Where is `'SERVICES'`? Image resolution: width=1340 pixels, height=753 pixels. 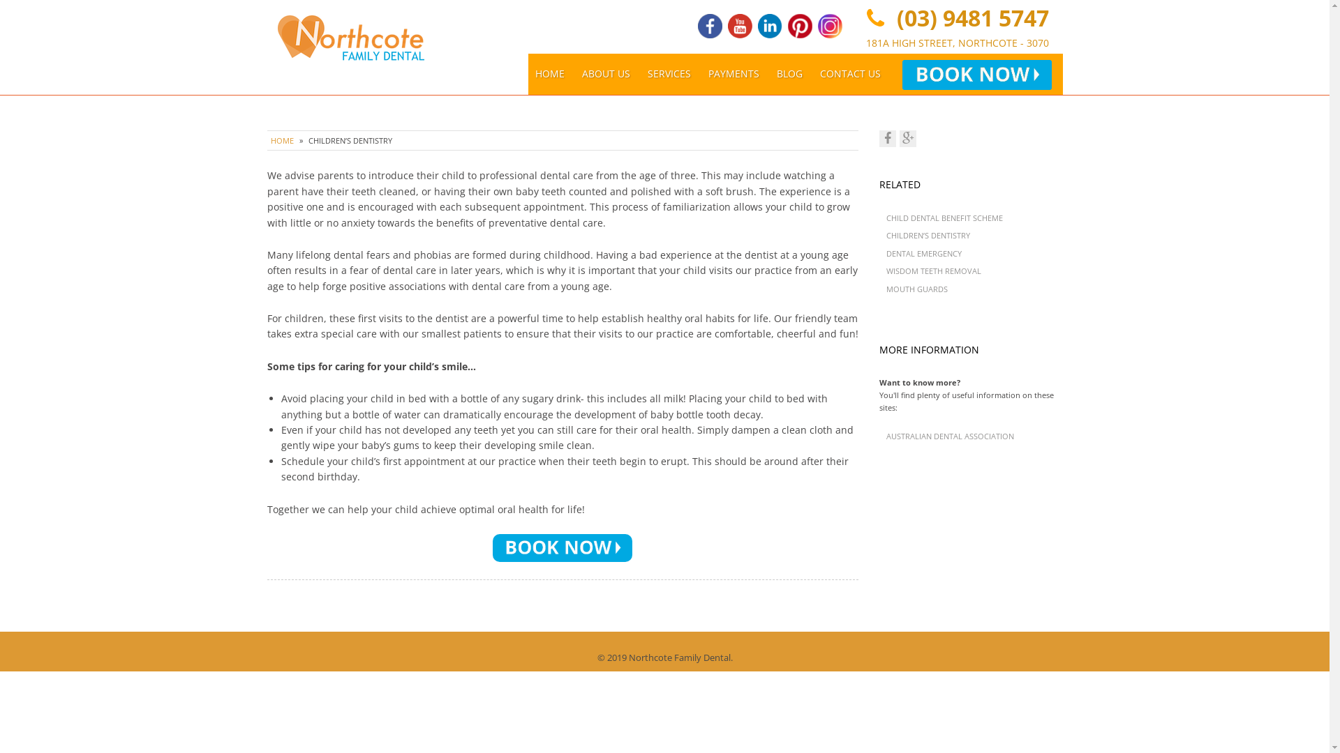
'SERVICES' is located at coordinates (669, 73).